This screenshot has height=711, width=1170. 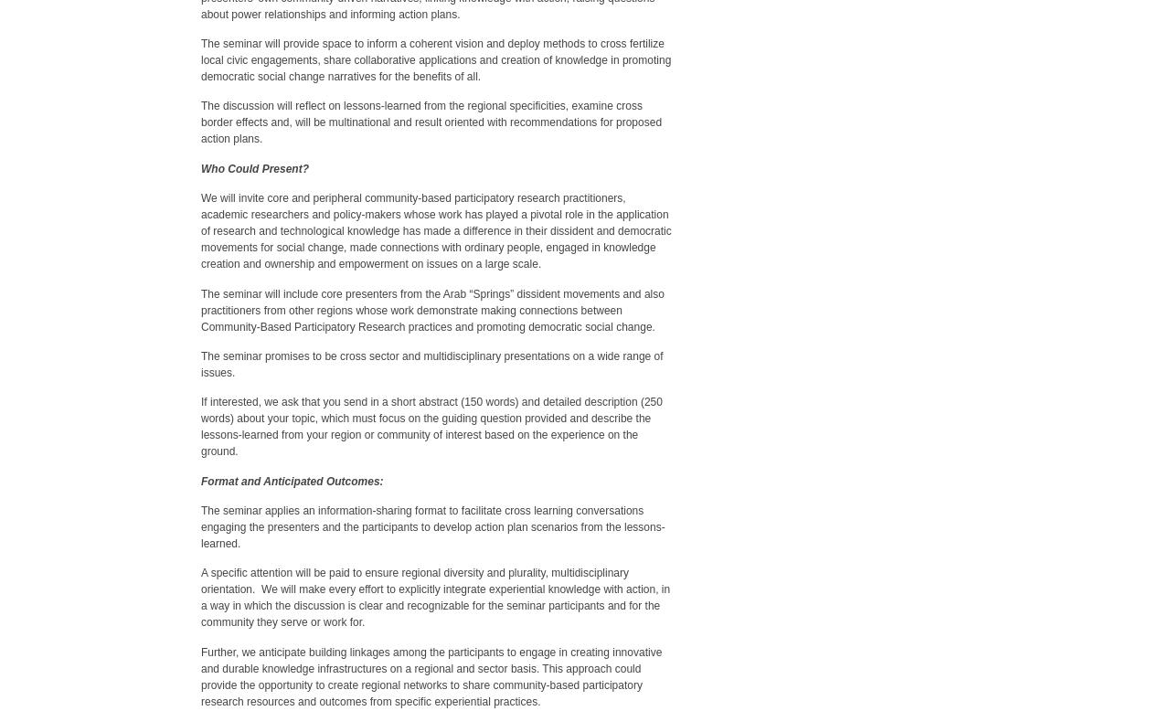 I want to click on 'Who Could Present?', so click(x=254, y=167).